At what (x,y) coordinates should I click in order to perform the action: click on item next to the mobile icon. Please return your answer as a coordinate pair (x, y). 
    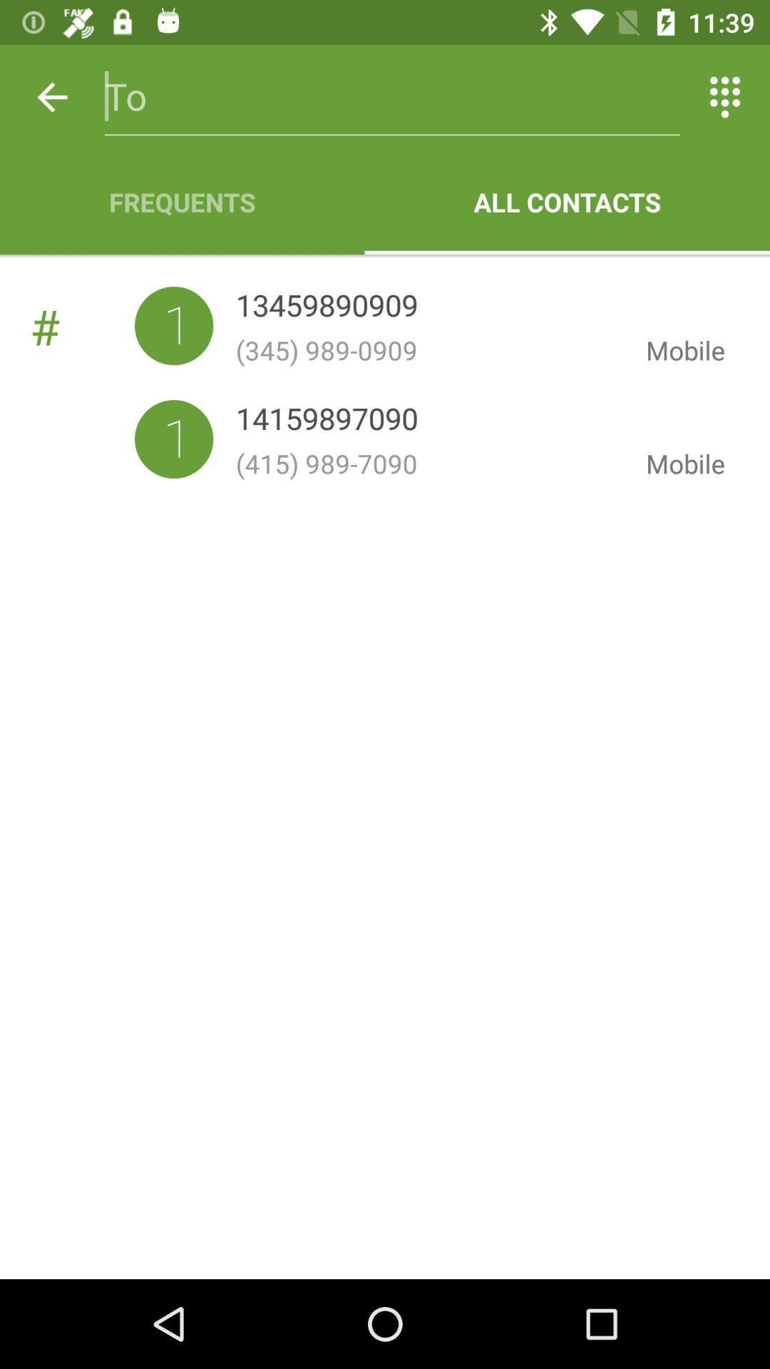
    Looking at the image, I should click on (327, 307).